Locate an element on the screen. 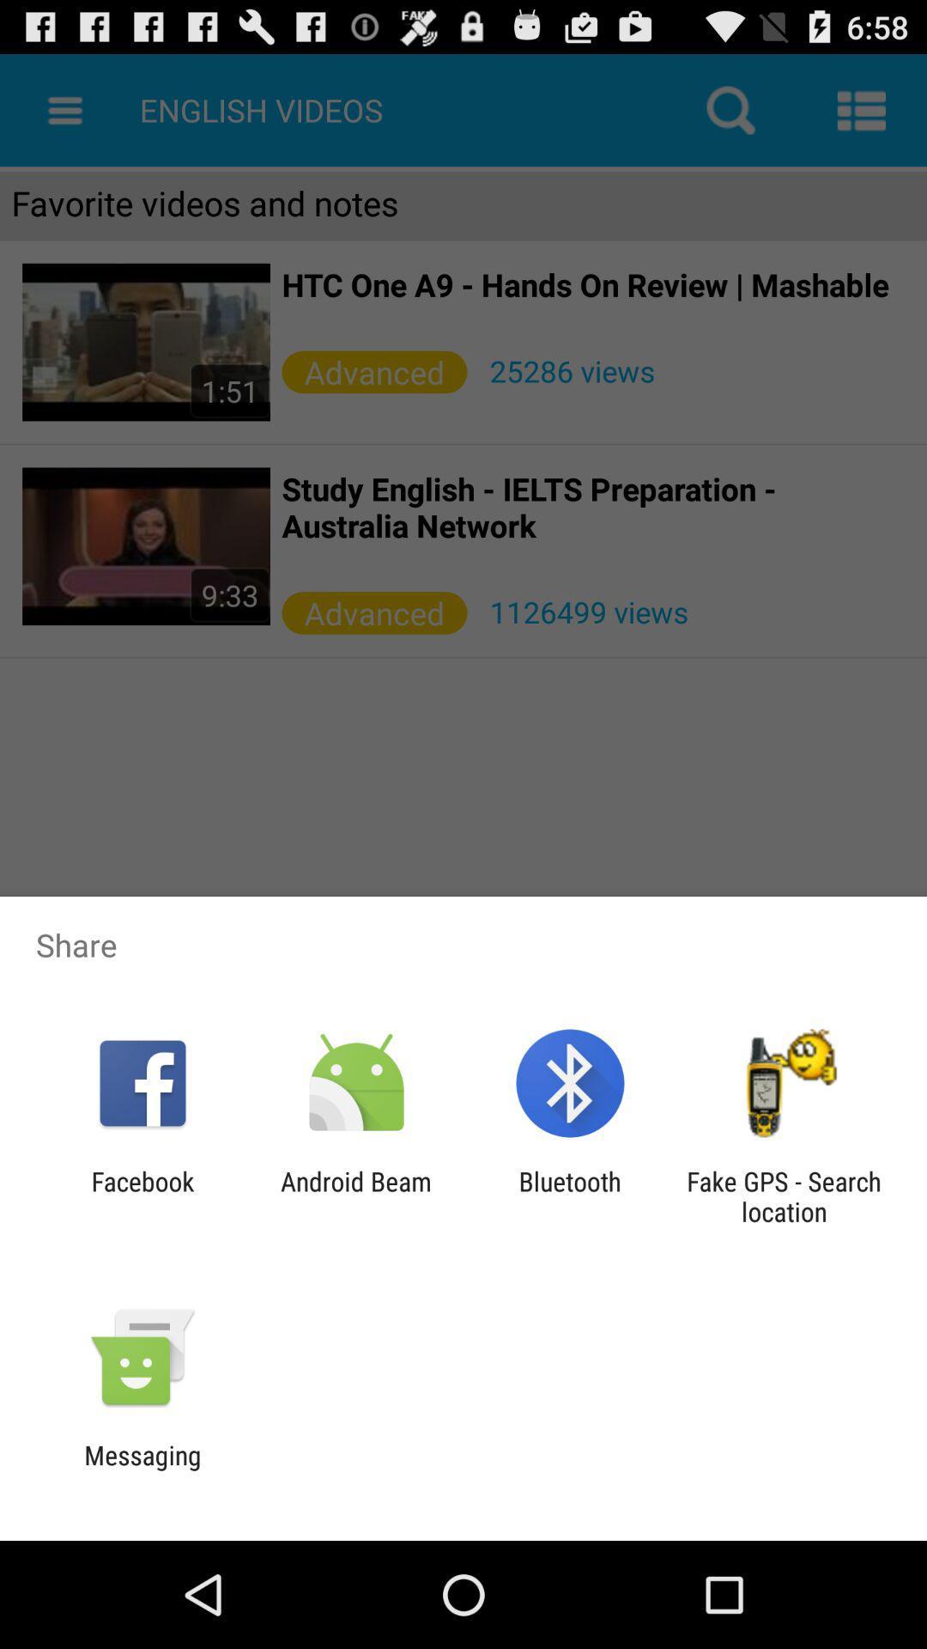 This screenshot has width=927, height=1649. item next to android beam app is located at coordinates (570, 1196).